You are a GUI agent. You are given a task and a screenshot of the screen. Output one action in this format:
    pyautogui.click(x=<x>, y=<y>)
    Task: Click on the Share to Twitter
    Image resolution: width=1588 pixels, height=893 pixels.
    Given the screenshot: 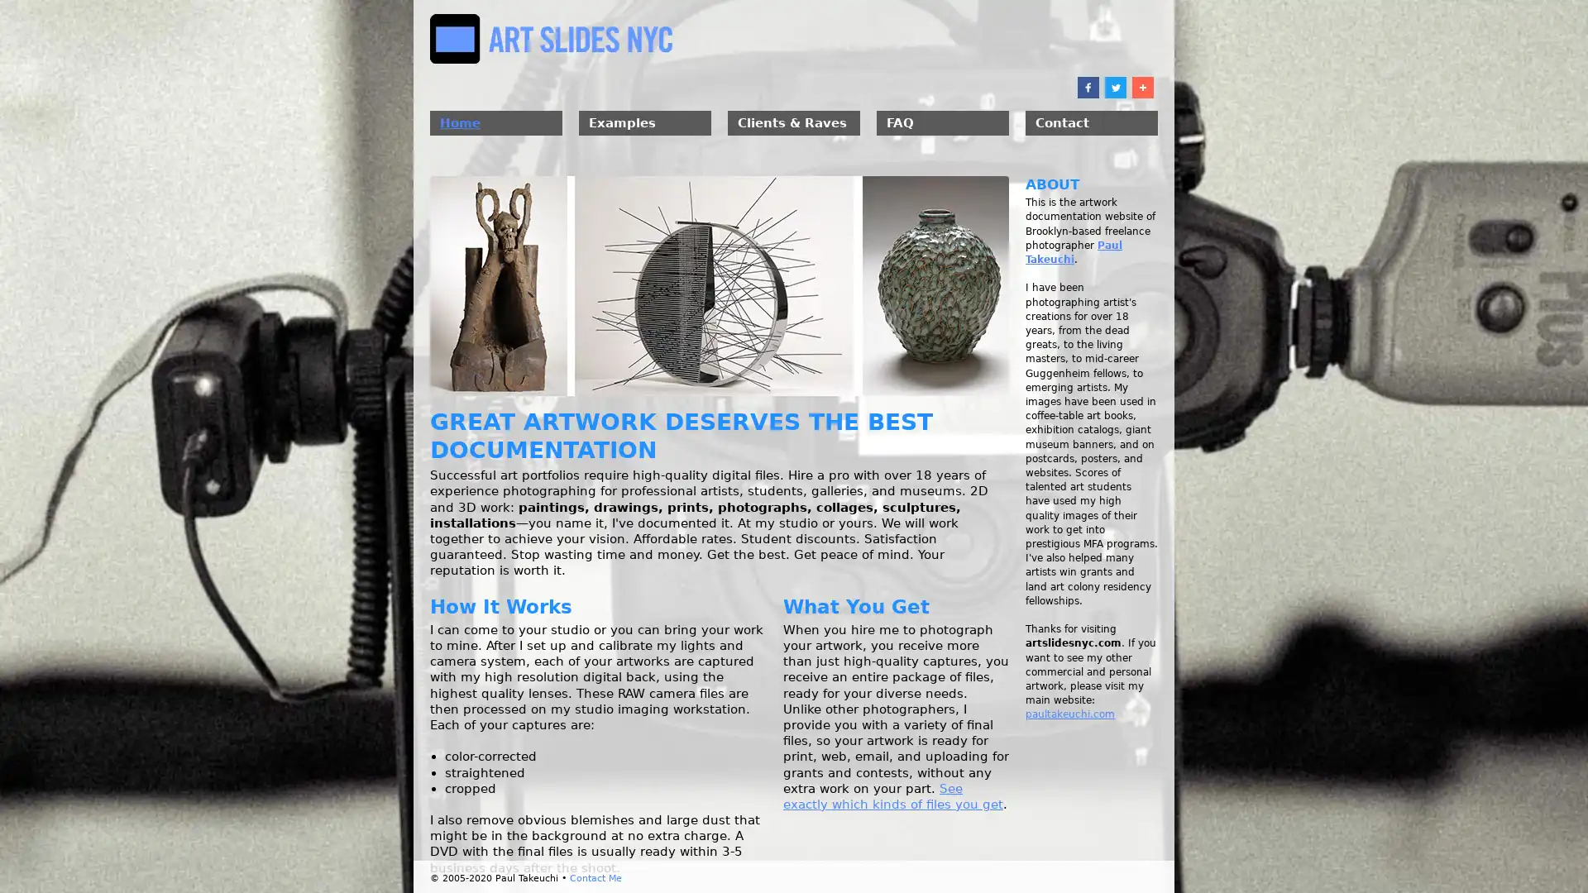 What is the action you would take?
    pyautogui.click(x=1096, y=86)
    